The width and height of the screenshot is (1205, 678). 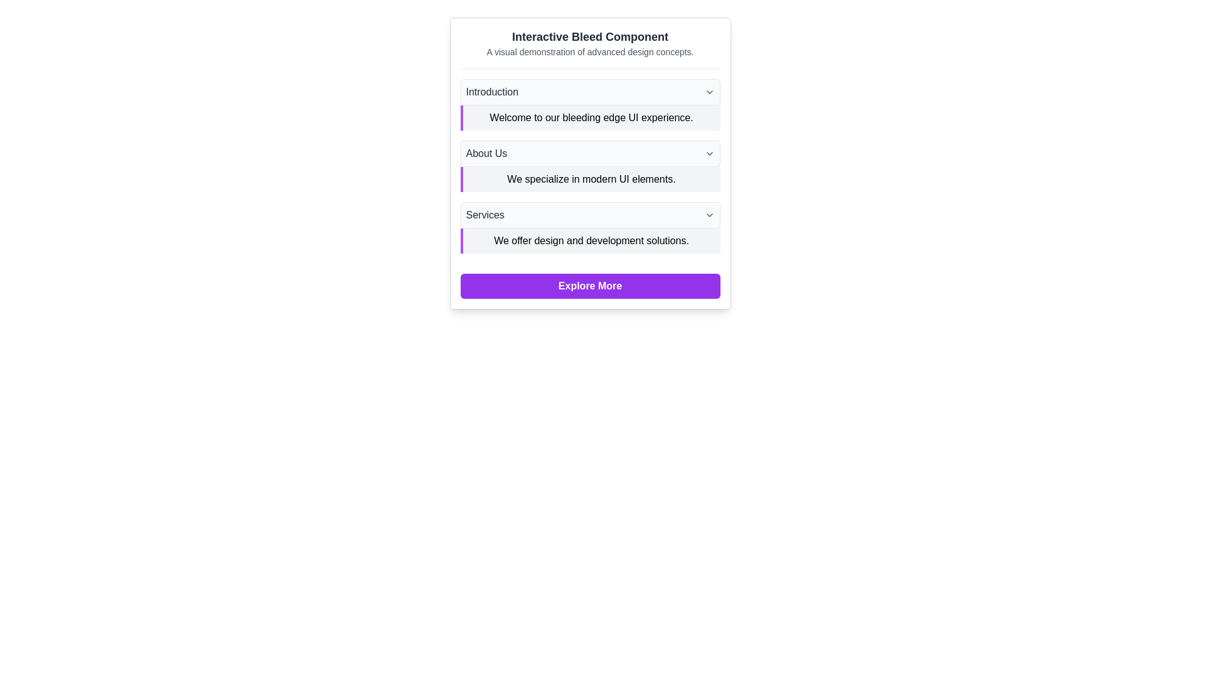 What do you see at coordinates (589, 163) in the screenshot?
I see `the dropdown menu within the 'About Us' section` at bounding box center [589, 163].